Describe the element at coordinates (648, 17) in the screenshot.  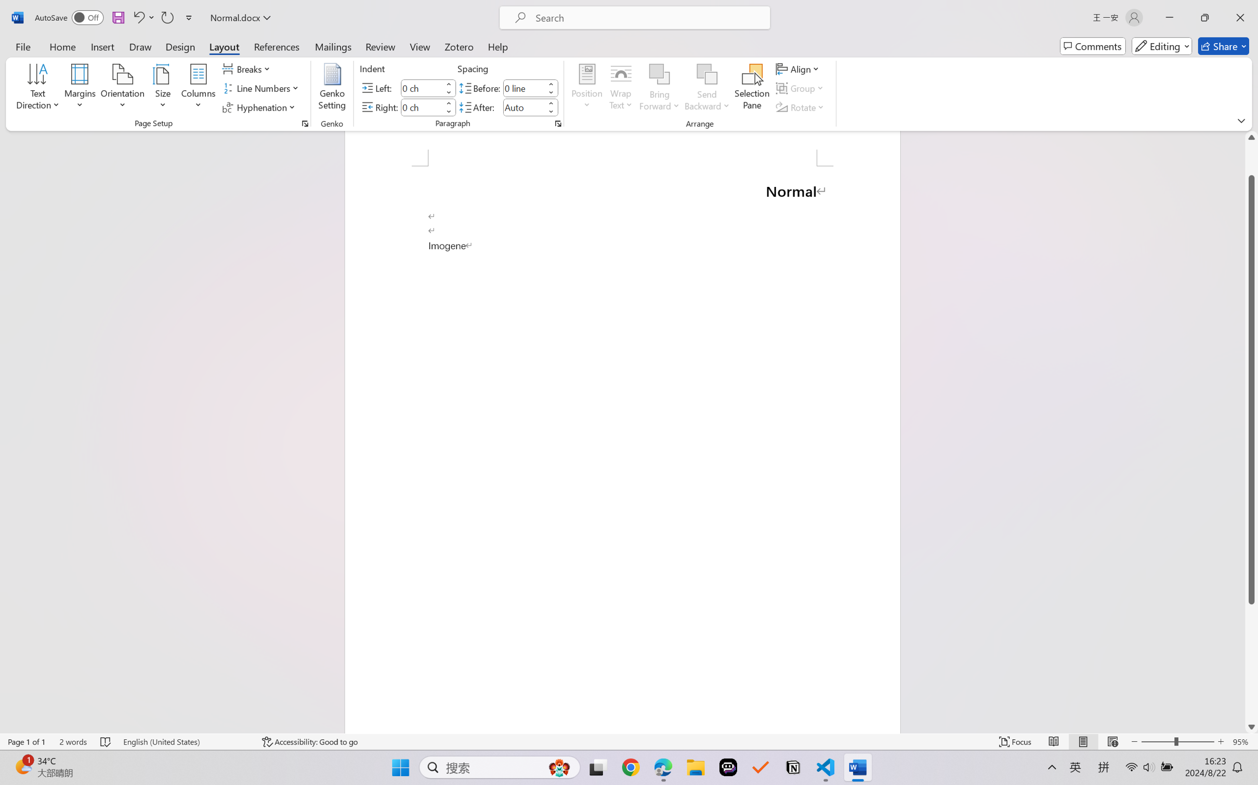
I see `'Microsoft search'` at that location.